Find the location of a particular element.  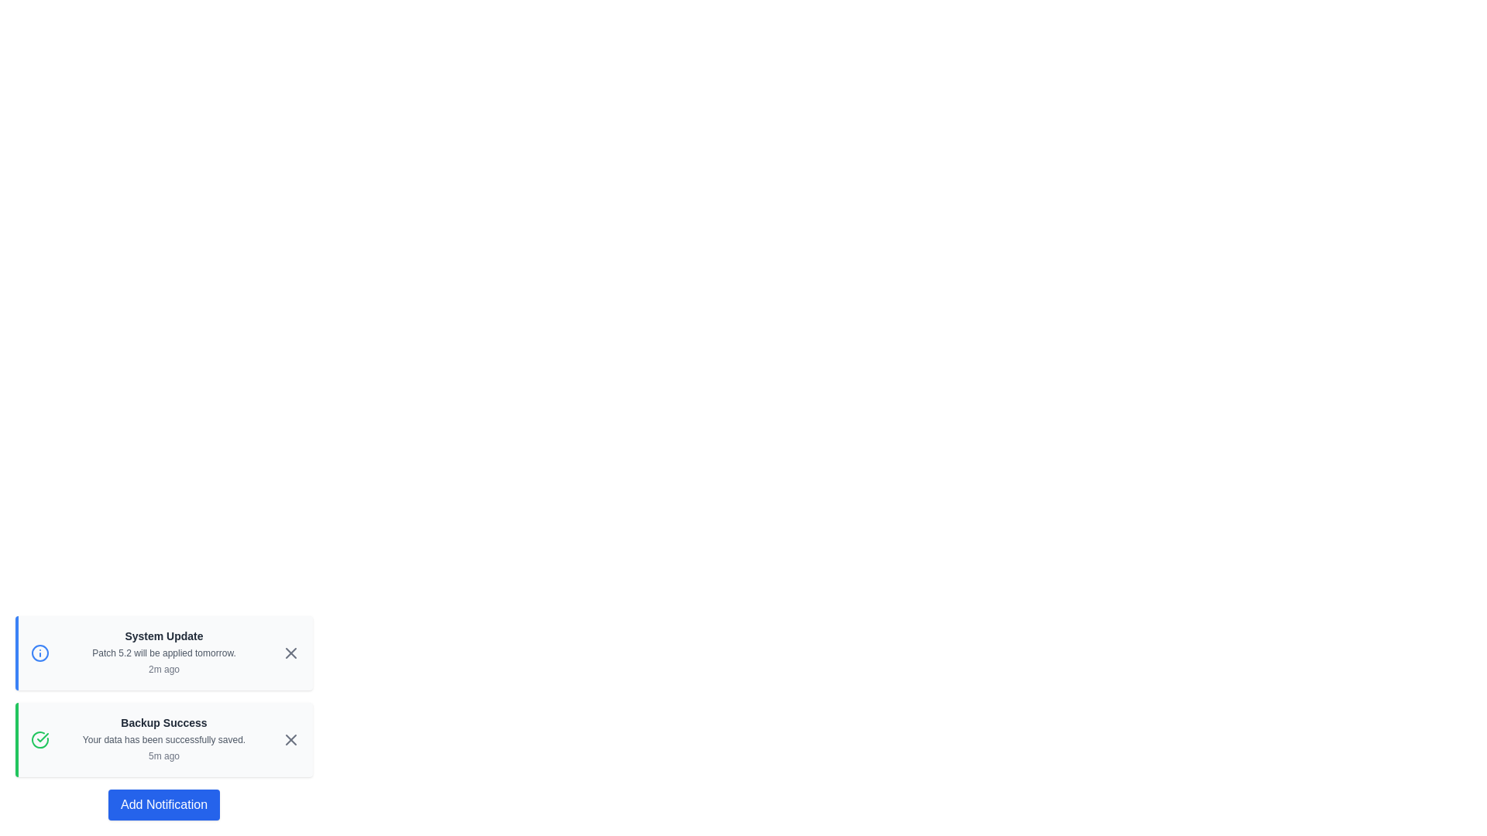

'Add Notification' button to add a new notification is located at coordinates (163, 804).